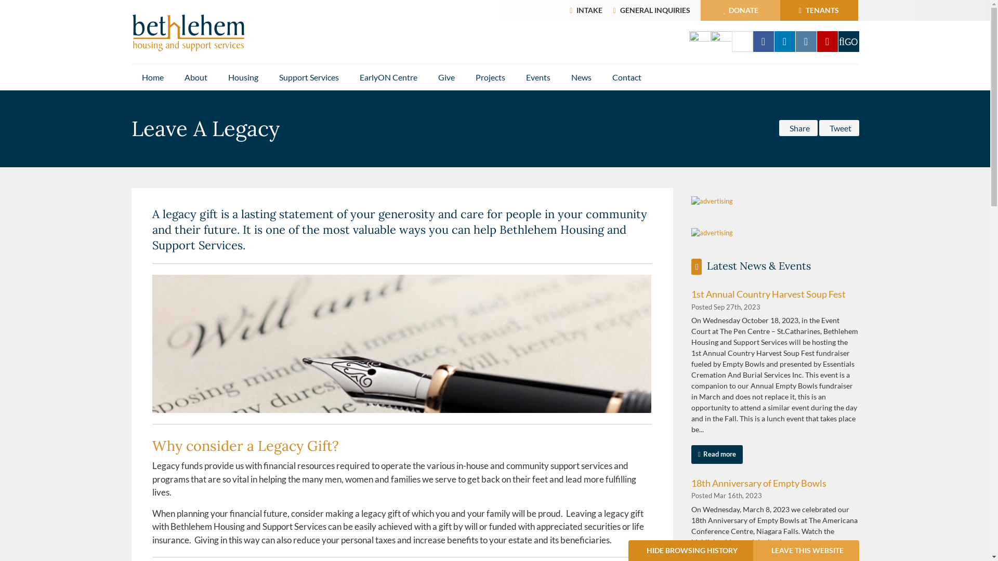  What do you see at coordinates (818, 10) in the screenshot?
I see `' TENANTS'` at bounding box center [818, 10].